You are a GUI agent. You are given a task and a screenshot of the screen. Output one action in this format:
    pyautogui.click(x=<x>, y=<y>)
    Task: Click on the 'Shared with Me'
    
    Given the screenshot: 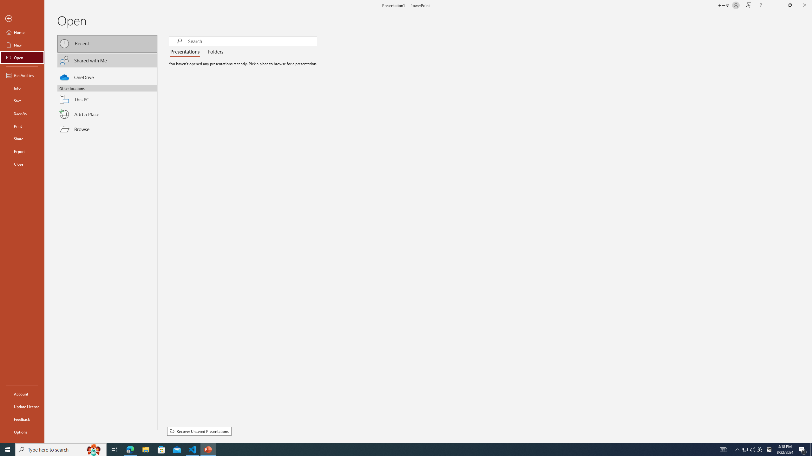 What is the action you would take?
    pyautogui.click(x=107, y=60)
    